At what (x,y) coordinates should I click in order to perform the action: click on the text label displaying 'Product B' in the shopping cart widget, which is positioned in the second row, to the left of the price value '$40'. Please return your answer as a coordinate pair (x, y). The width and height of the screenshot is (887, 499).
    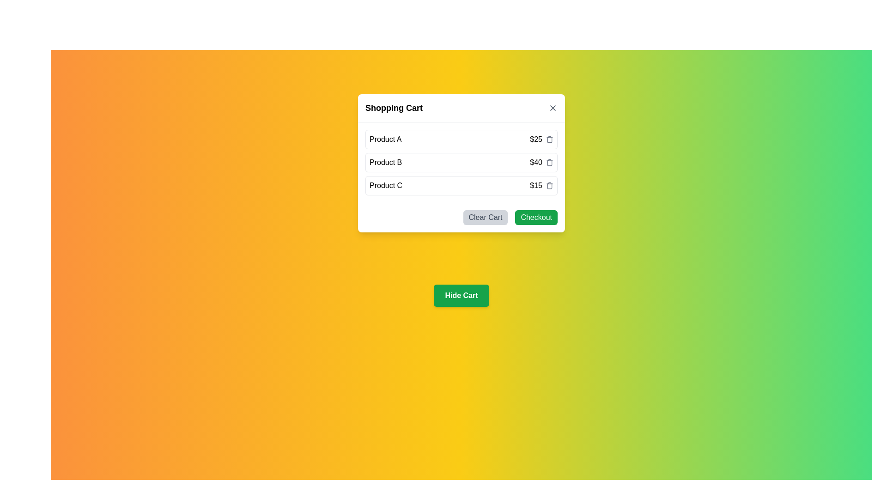
    Looking at the image, I should click on (386, 162).